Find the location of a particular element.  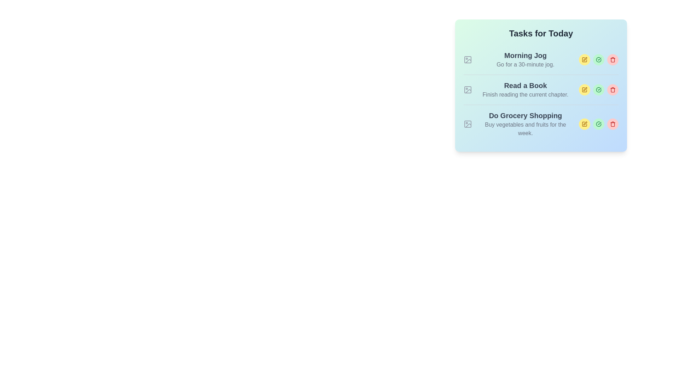

the context associated with the icon located on the left side of the third row in the task list for 'Do Grocery Shopping' is located at coordinates (468, 124).